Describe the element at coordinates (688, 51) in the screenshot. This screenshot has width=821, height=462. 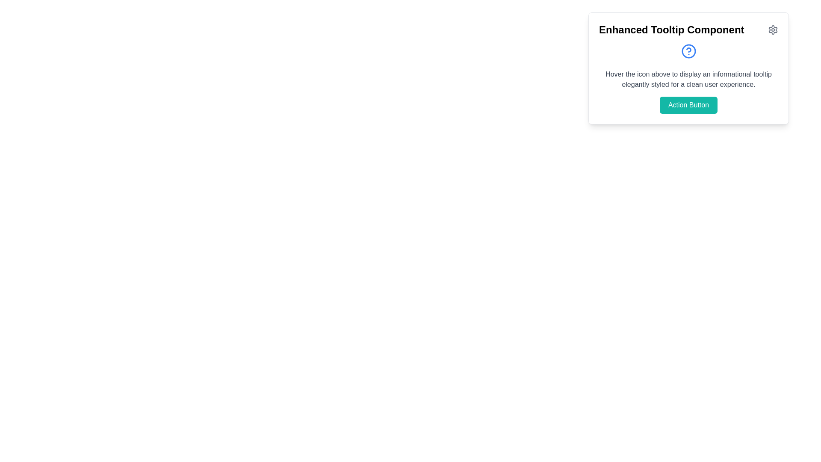
I see `the interactive icon located below the heading 'Enhanced Tooltip Component' and above the instructions text, situated above the 'Action Button'` at that location.